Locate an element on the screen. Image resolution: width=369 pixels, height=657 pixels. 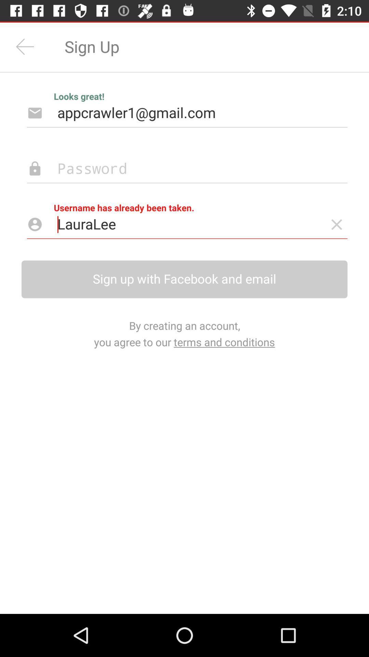
button is located at coordinates (336, 224).